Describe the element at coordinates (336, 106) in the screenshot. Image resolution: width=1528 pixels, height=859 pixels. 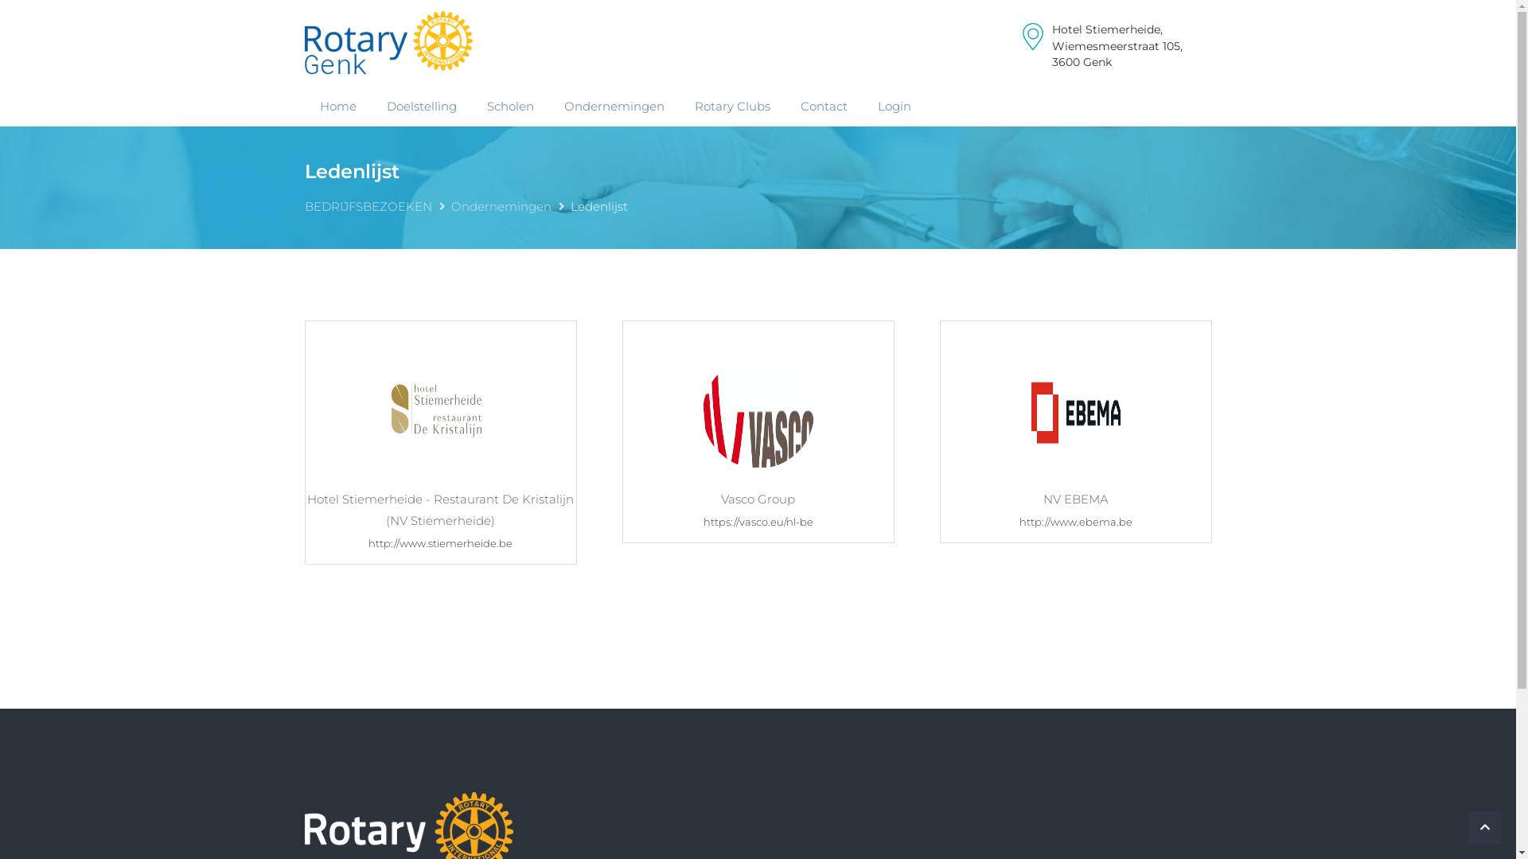
I see `'Home'` at that location.